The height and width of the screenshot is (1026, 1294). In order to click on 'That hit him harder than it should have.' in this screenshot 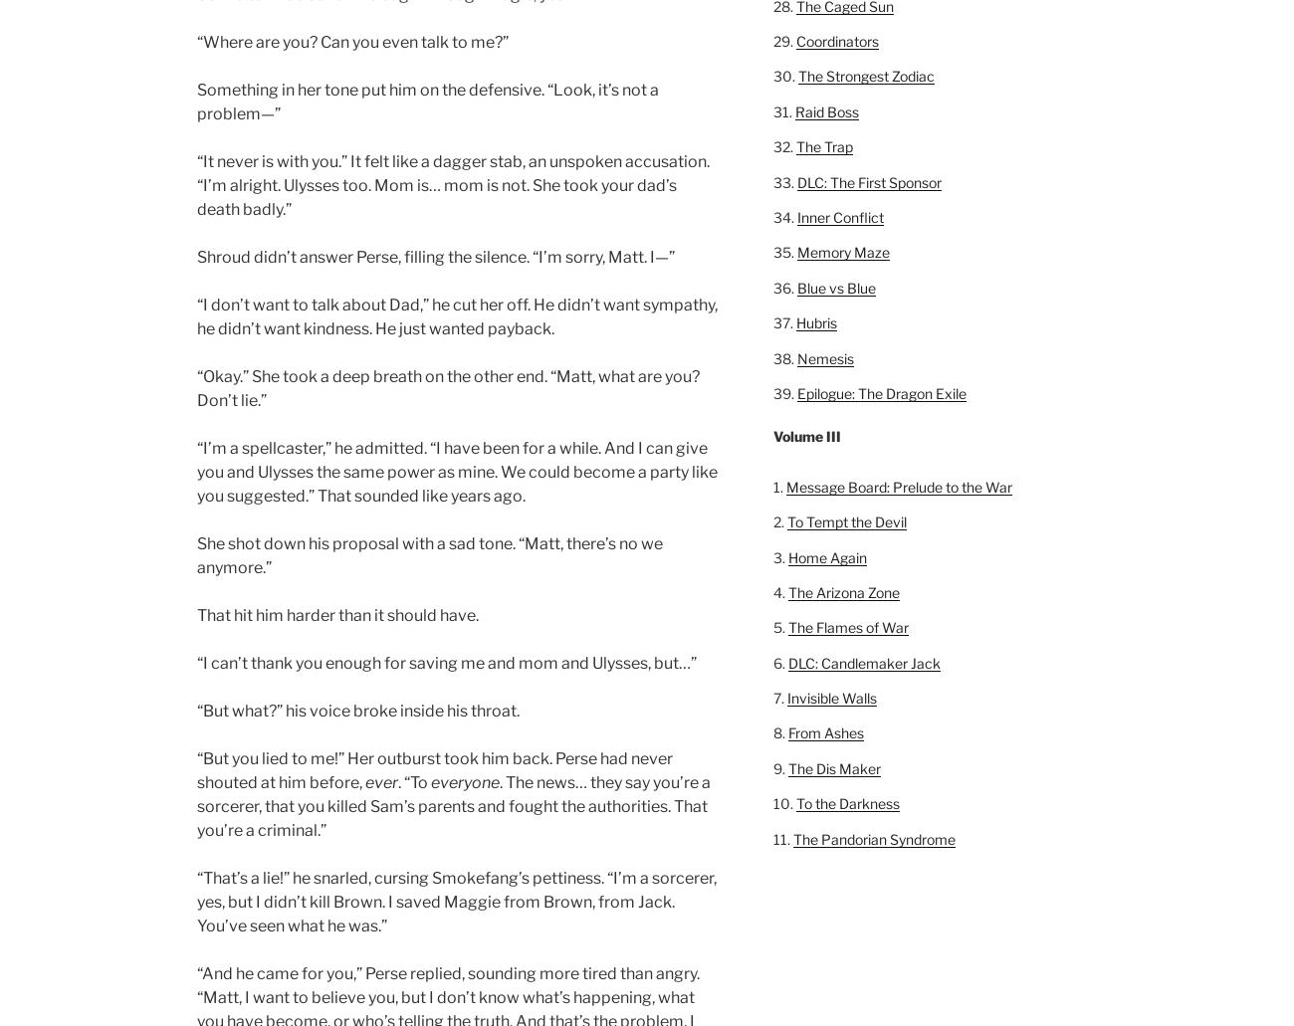, I will do `click(336, 614)`.